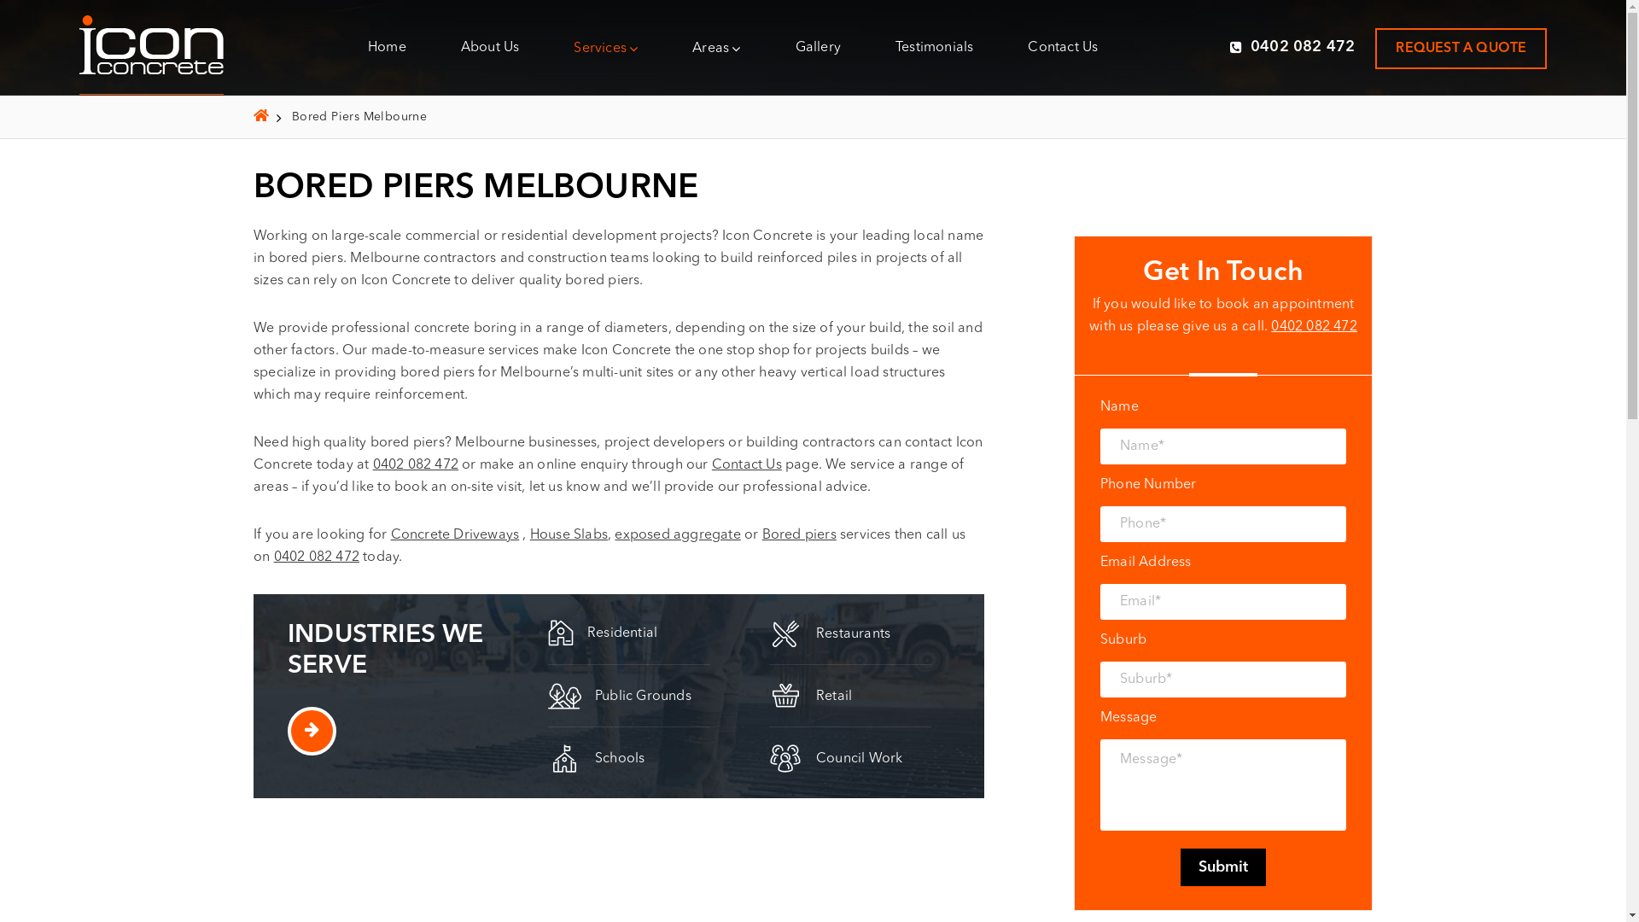 The image size is (1639, 922). I want to click on 'About Us', so click(460, 45).